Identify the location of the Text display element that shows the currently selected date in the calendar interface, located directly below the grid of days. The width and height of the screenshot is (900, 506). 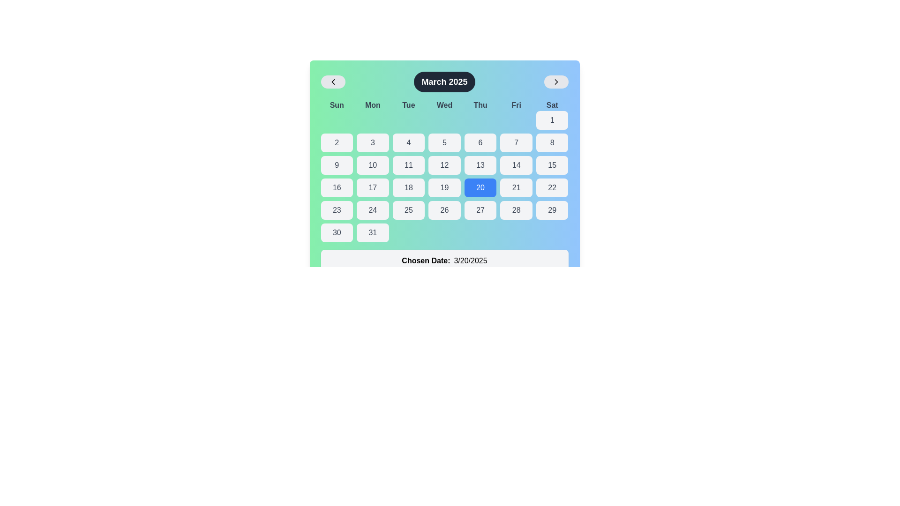
(444, 260).